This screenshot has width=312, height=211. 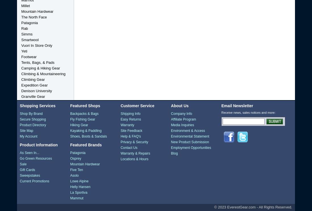 What do you see at coordinates (29, 57) in the screenshot?
I see `'Footwear'` at bounding box center [29, 57].